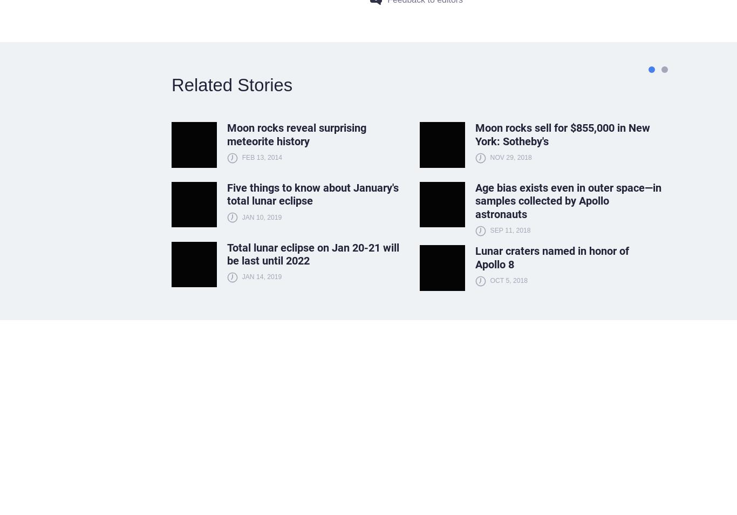  I want to click on 'Lunar craters named in honor of Apollo 8', so click(552, 257).